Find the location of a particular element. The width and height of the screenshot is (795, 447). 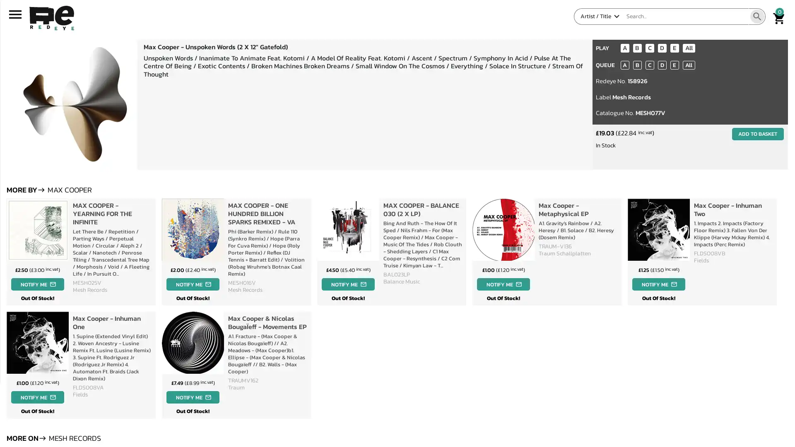

NOTIFY ME mail_outline is located at coordinates (348, 284).